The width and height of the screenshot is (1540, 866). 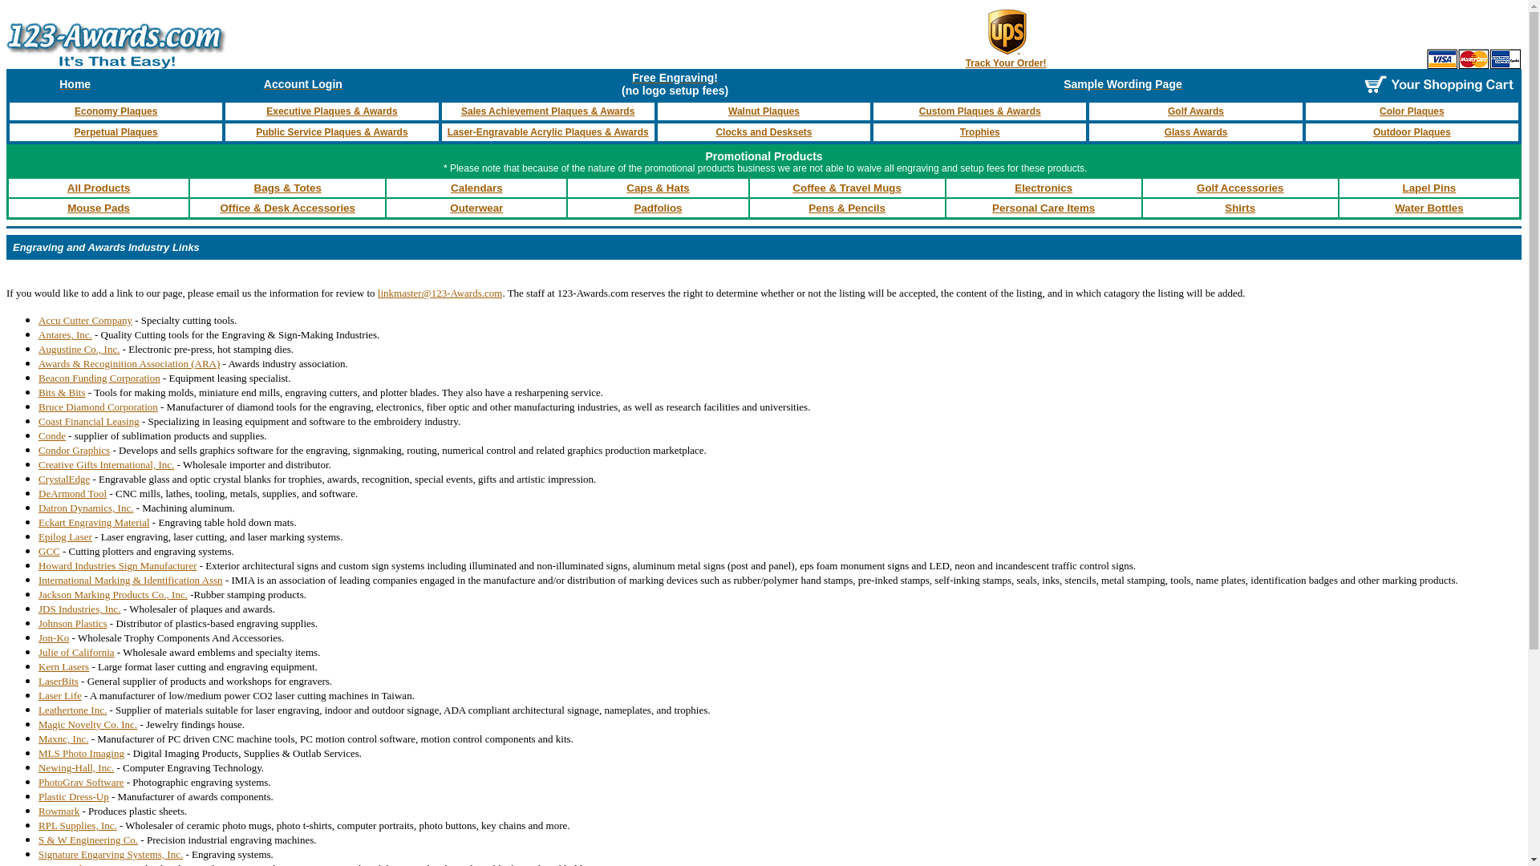 I want to click on 'Account Login', so click(x=303, y=83).